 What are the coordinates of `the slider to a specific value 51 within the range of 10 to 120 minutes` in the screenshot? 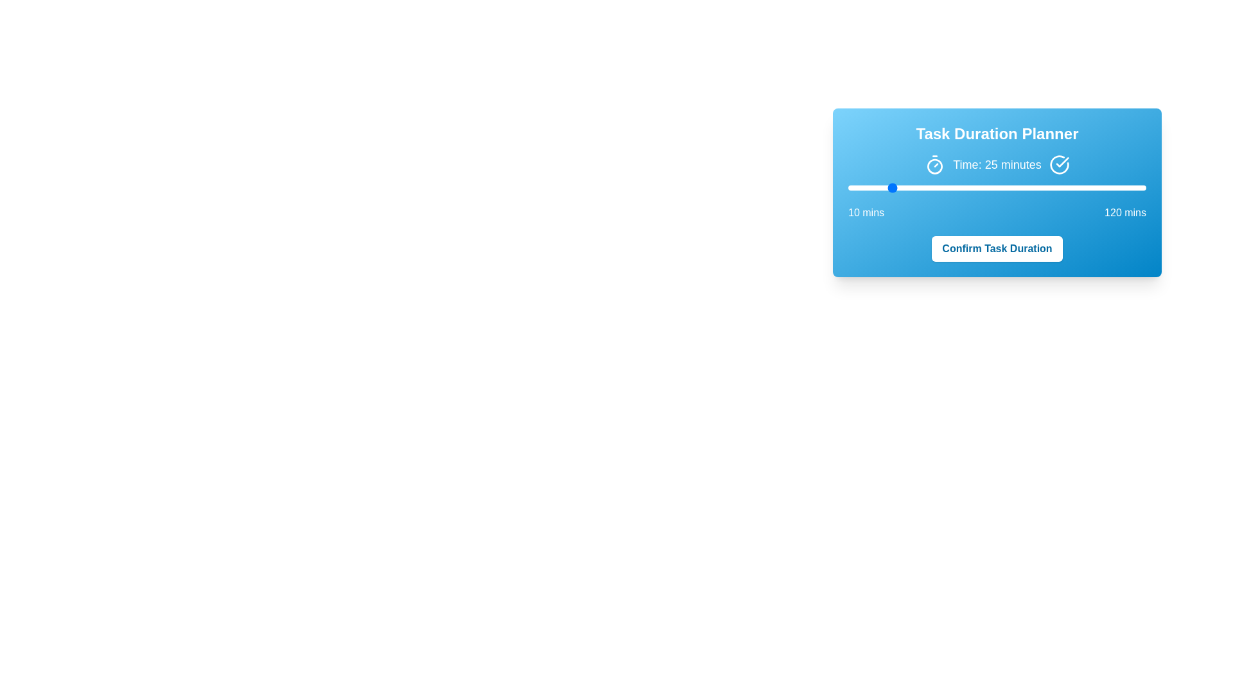 It's located at (959, 188).